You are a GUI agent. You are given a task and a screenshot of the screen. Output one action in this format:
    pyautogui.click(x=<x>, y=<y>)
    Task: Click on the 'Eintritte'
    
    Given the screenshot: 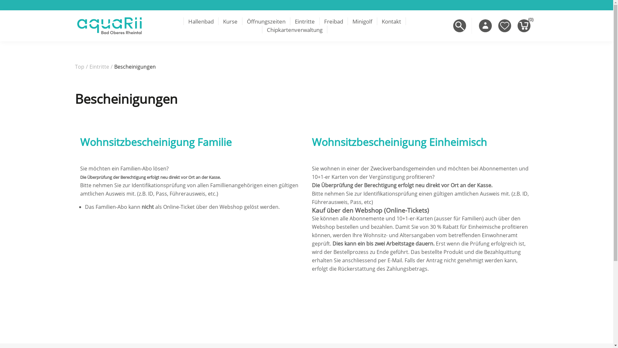 What is the action you would take?
    pyautogui.click(x=304, y=21)
    